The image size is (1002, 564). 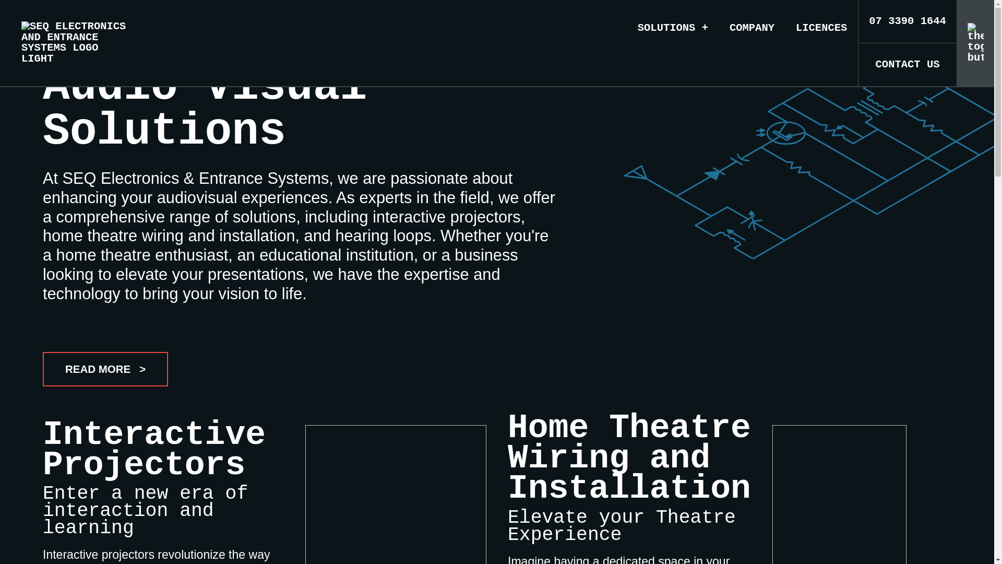 I want to click on 'Interactive Projectors', so click(x=153, y=449).